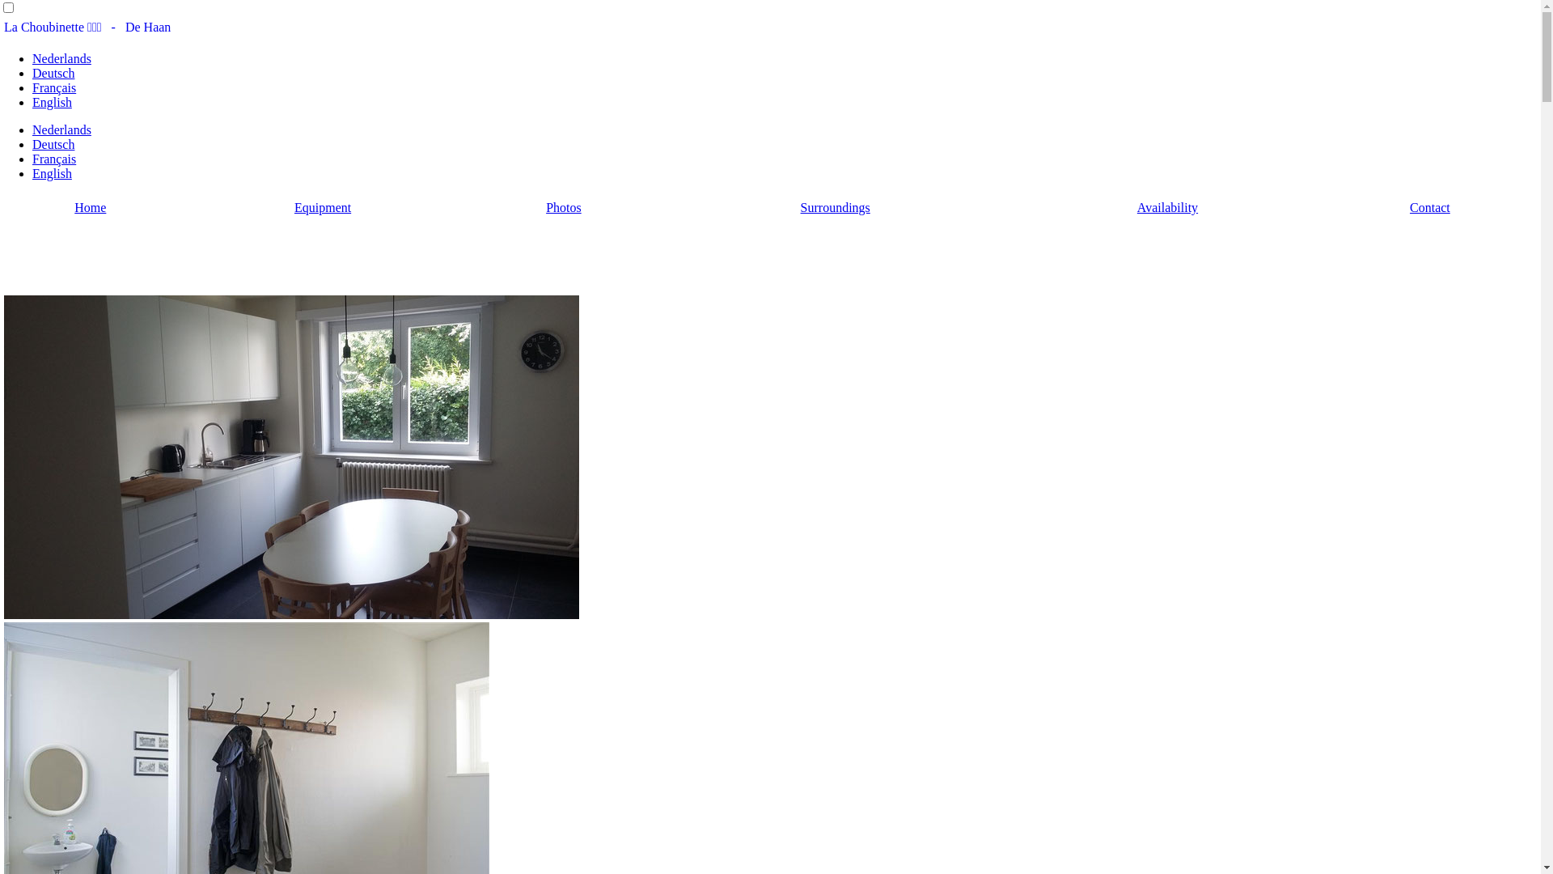 The height and width of the screenshot is (874, 1553). Describe the element at coordinates (52, 173) in the screenshot. I see `'English'` at that location.